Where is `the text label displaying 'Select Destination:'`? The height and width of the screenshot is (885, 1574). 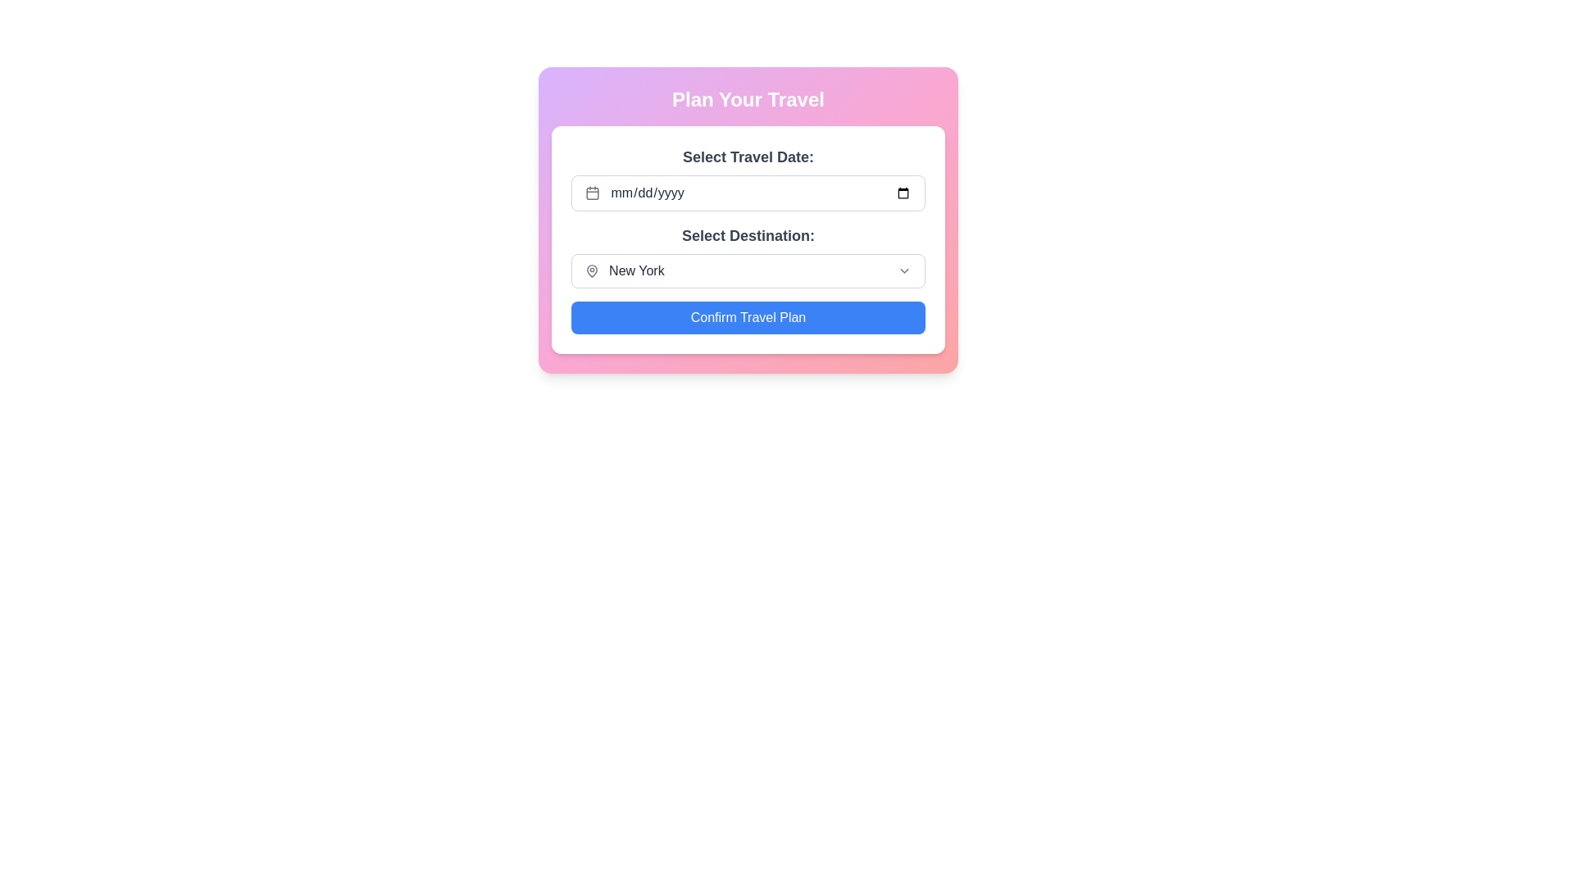
the text label displaying 'Select Destination:' is located at coordinates (747, 236).